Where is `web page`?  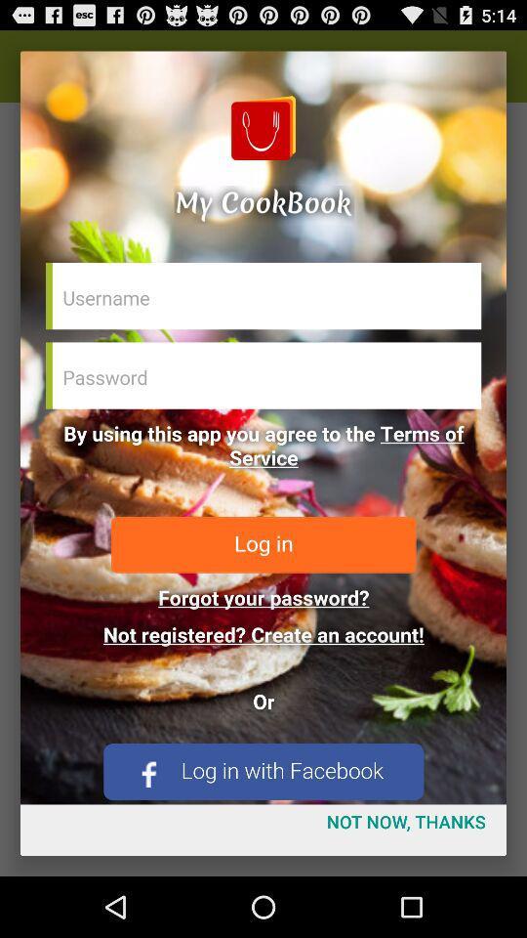
web page is located at coordinates (263, 427).